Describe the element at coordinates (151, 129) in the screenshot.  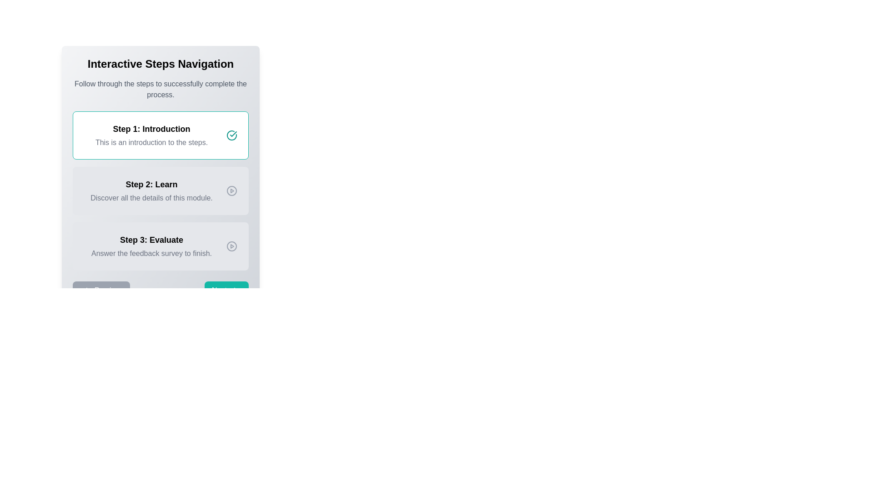
I see `the title Text label for the first step in the multi-step process guide, which is located at the top center of the interface, just above the description text` at that location.